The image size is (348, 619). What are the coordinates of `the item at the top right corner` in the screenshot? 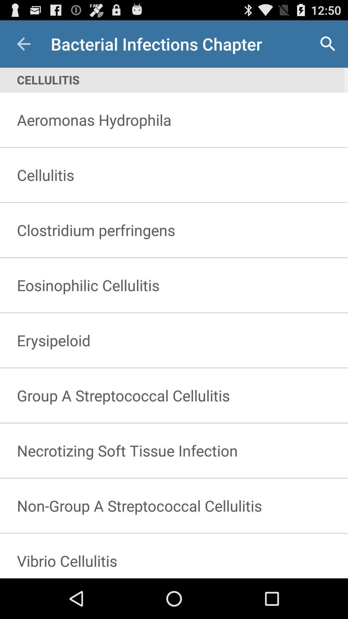 It's located at (328, 44).